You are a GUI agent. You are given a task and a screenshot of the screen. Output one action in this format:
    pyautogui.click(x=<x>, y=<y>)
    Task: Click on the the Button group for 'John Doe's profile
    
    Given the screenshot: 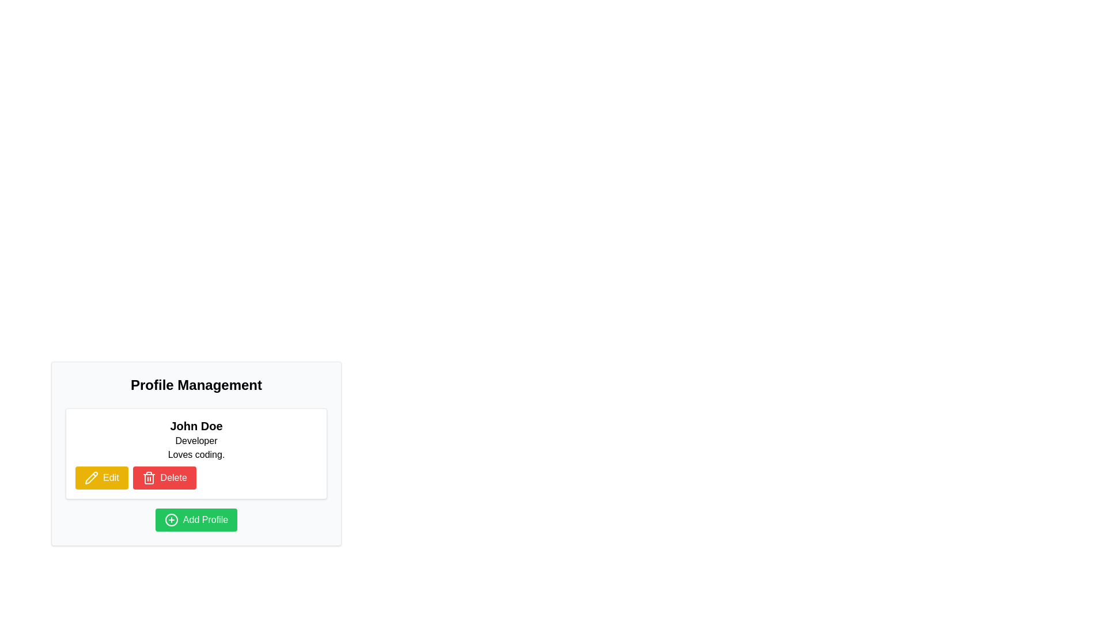 What is the action you would take?
    pyautogui.click(x=196, y=477)
    